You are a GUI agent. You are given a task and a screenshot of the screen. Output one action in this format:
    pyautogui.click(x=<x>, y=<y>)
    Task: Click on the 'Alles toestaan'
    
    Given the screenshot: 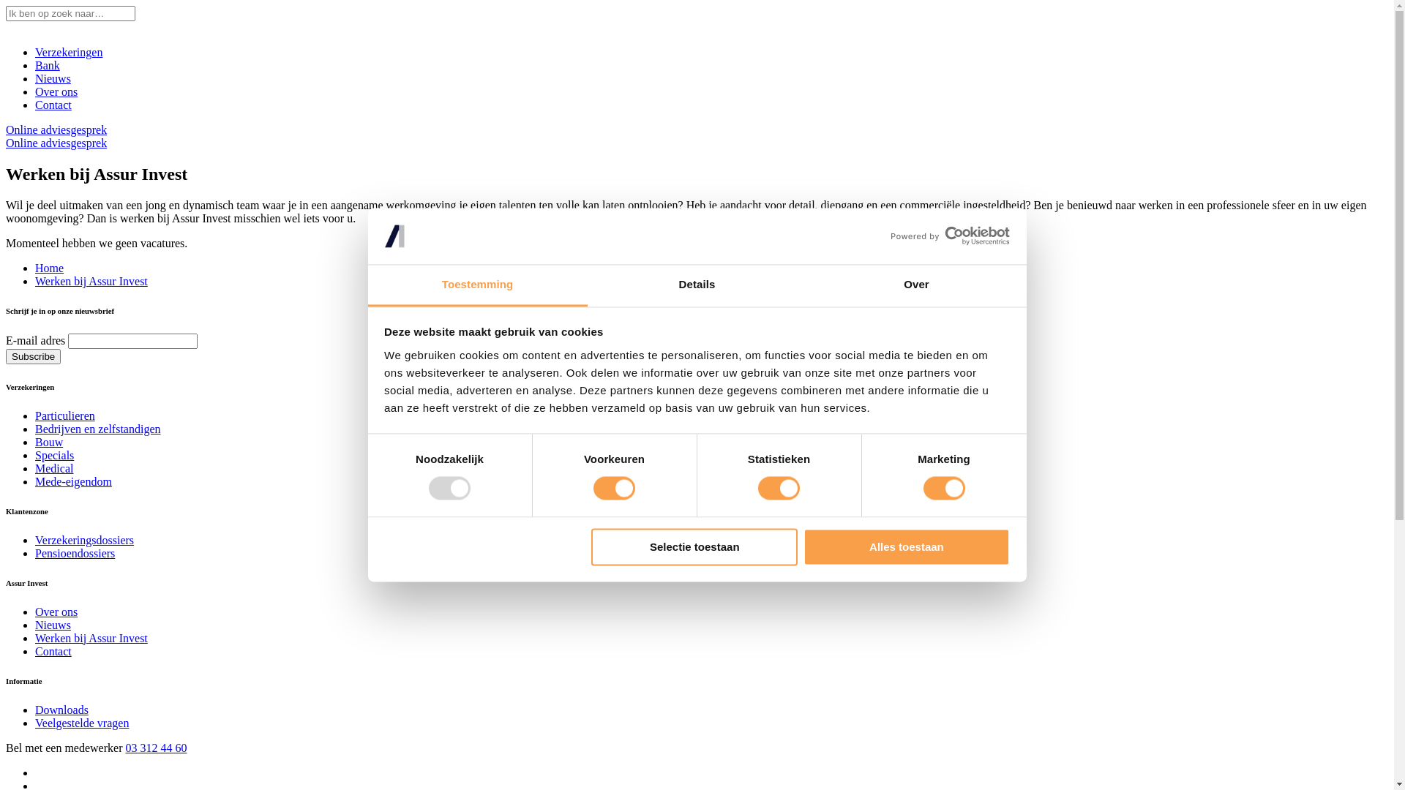 What is the action you would take?
    pyautogui.click(x=905, y=546)
    